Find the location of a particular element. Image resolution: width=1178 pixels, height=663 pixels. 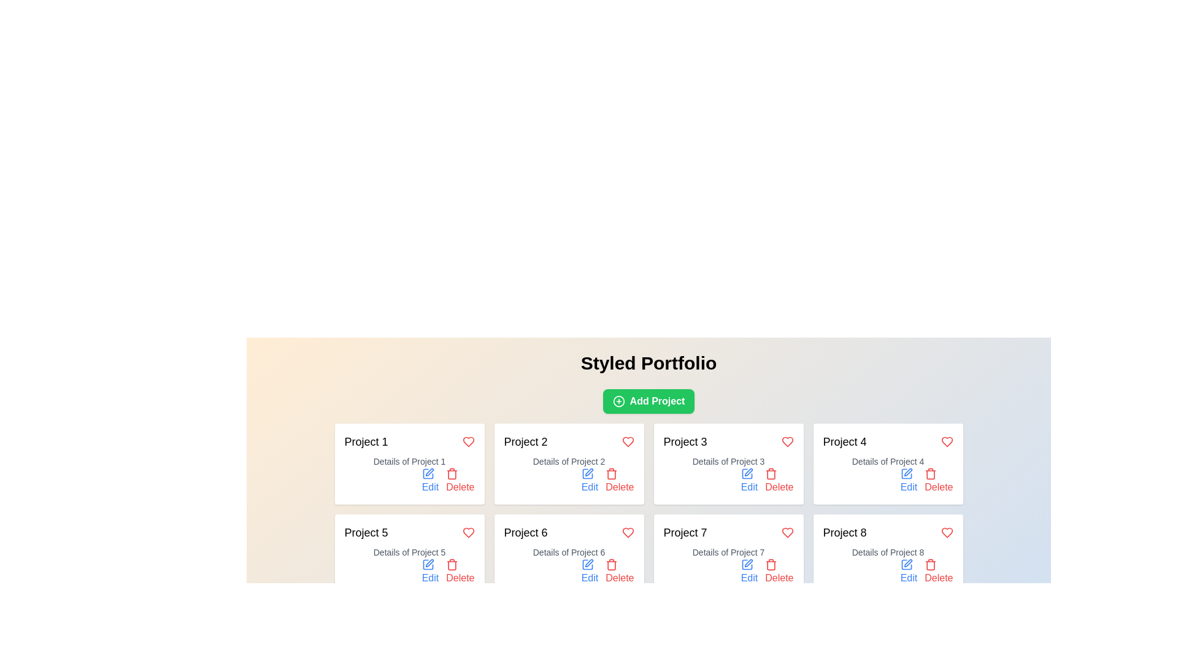

the project card that contains details and options to edit or delete a specific project, located in the second column of the first row in a grid layout is located at coordinates (568, 464).